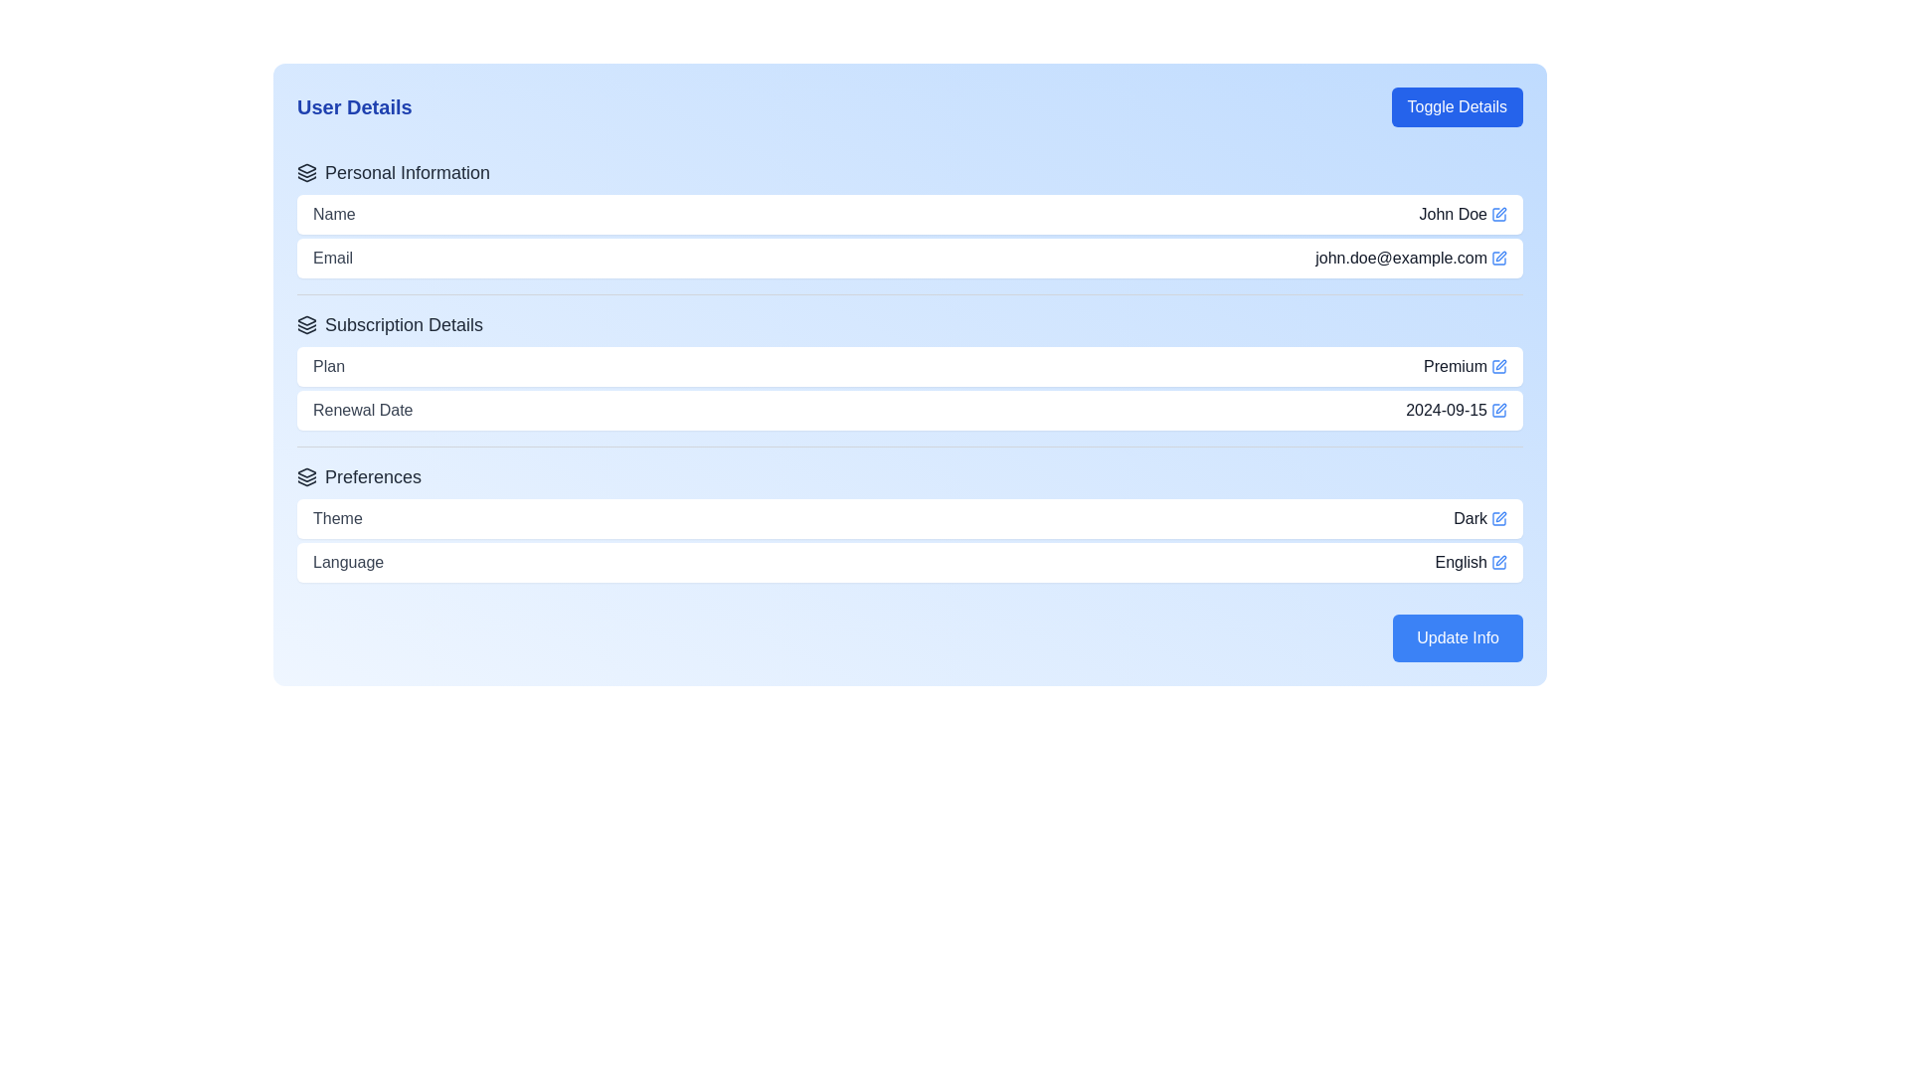 This screenshot has height=1074, width=1909. I want to click on the 'Plan' text label in the 'Subscription Details' section, which is styled in gray and displayed in a sans-serif font, so click(329, 367).